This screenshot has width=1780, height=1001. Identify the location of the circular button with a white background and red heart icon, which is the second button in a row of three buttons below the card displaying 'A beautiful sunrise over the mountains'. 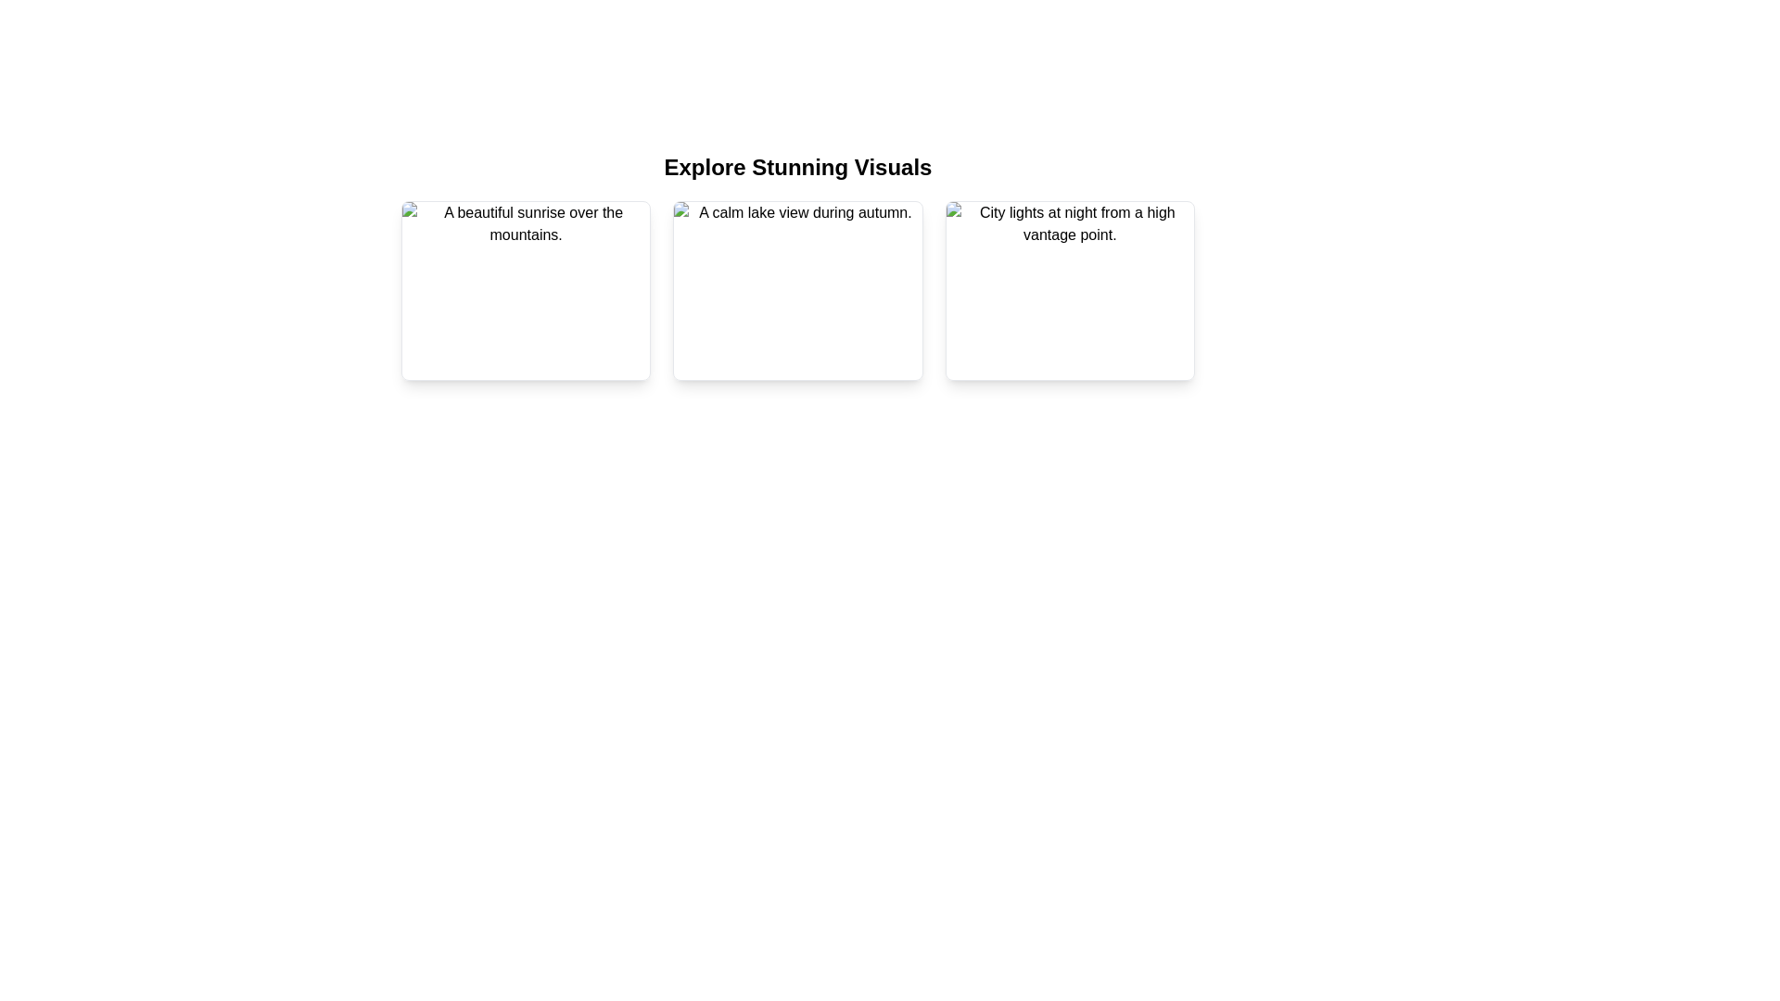
(467, 360).